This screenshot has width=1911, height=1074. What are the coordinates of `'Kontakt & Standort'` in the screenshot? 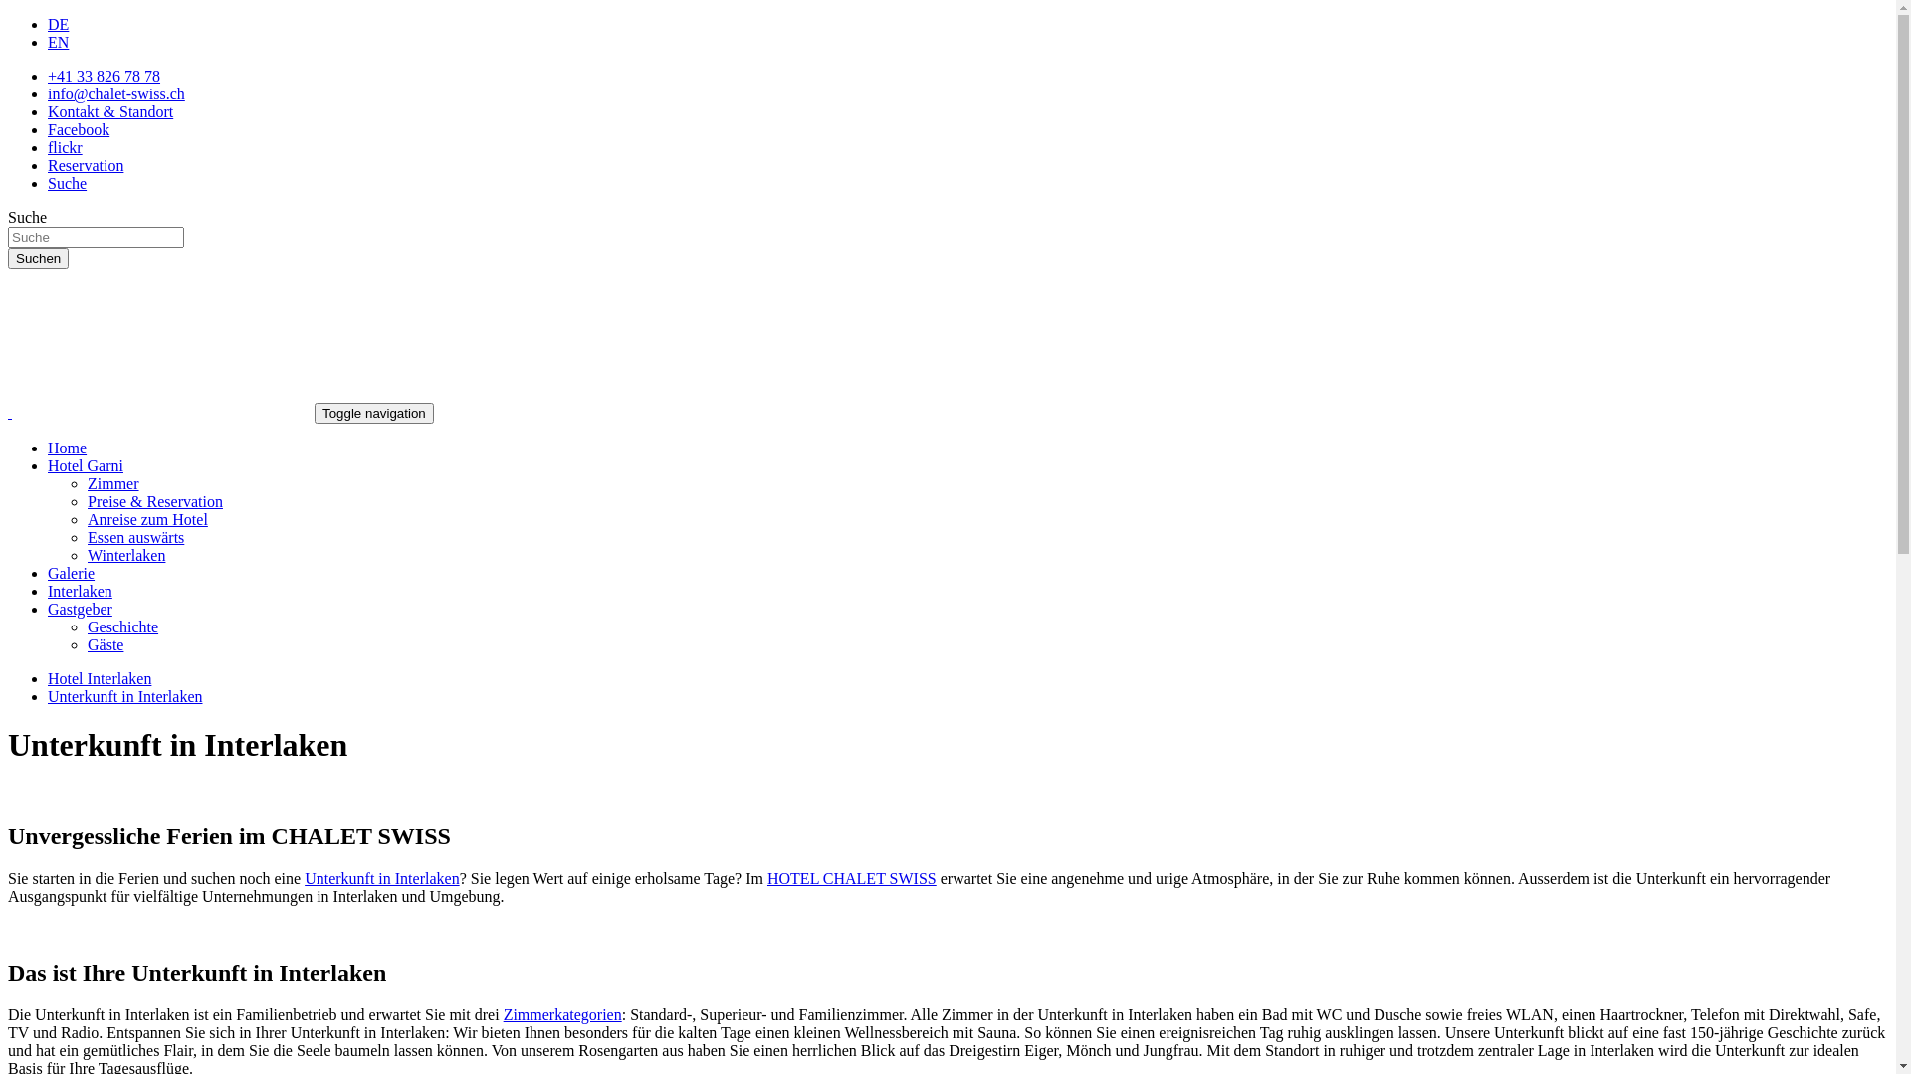 It's located at (108, 111).